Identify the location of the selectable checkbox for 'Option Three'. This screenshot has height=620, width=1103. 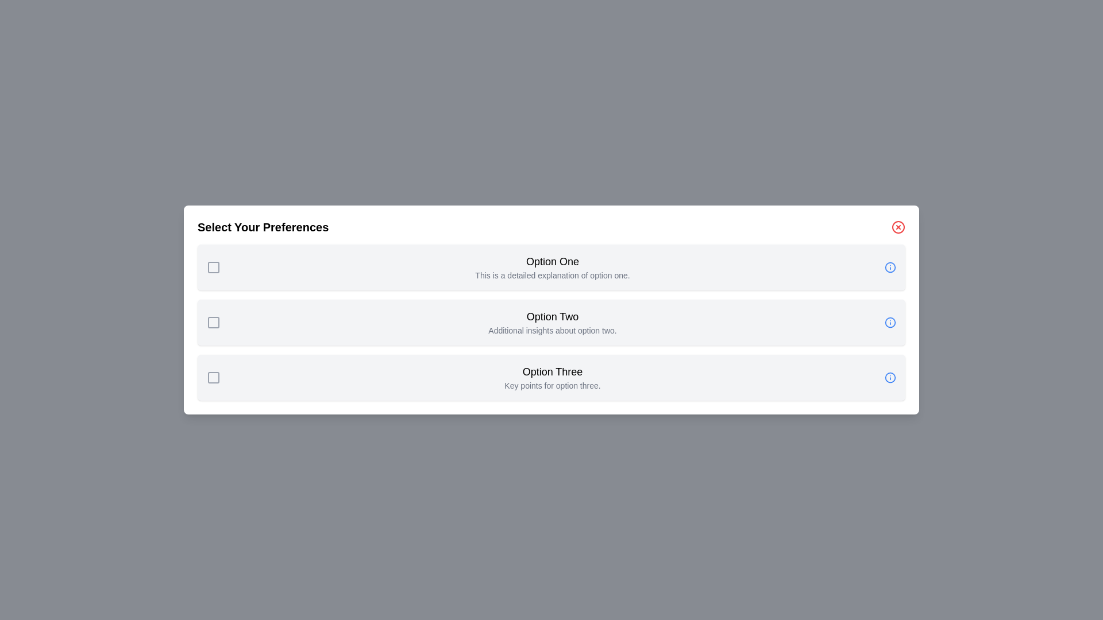
(214, 378).